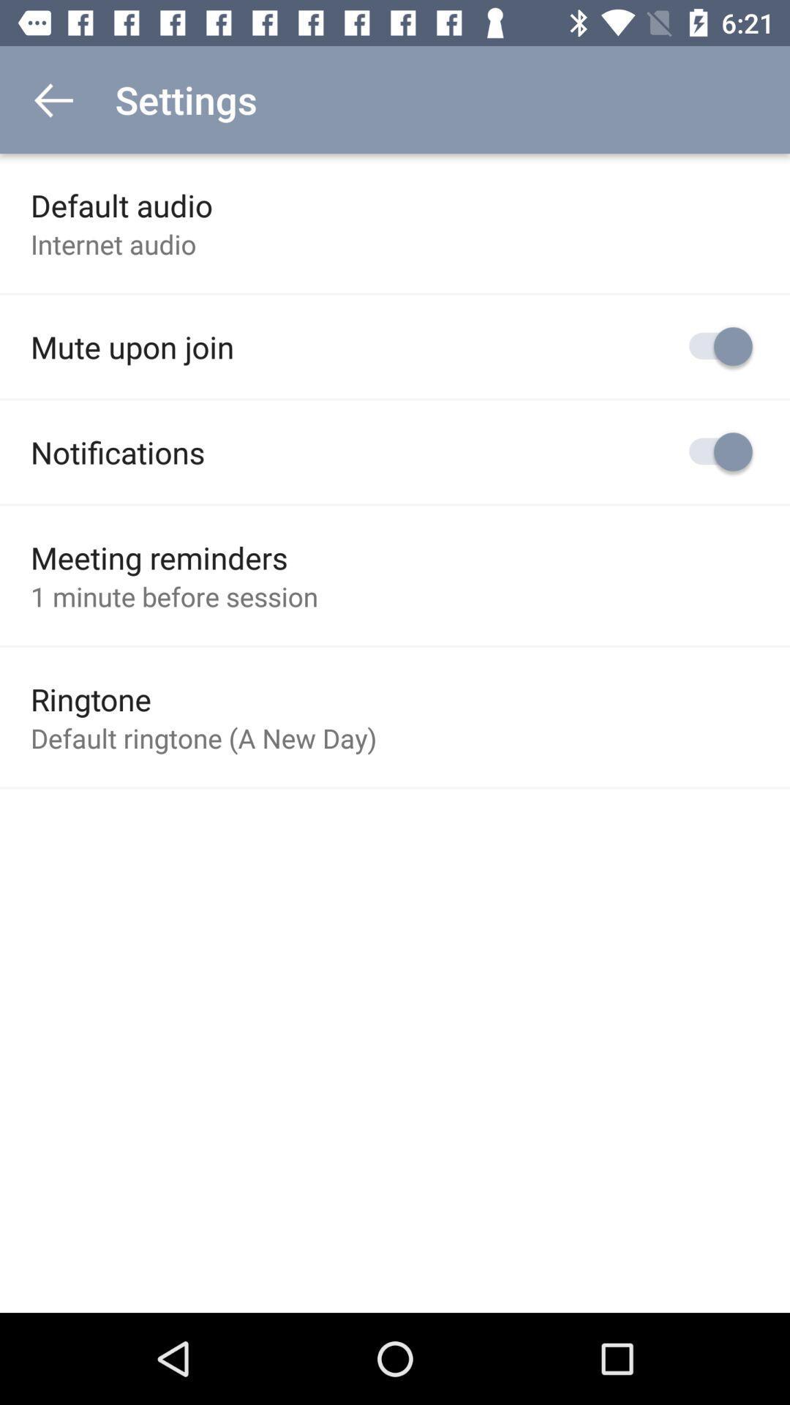 The height and width of the screenshot is (1405, 790). Describe the element at coordinates (173, 596) in the screenshot. I see `the 1 minute before icon` at that location.